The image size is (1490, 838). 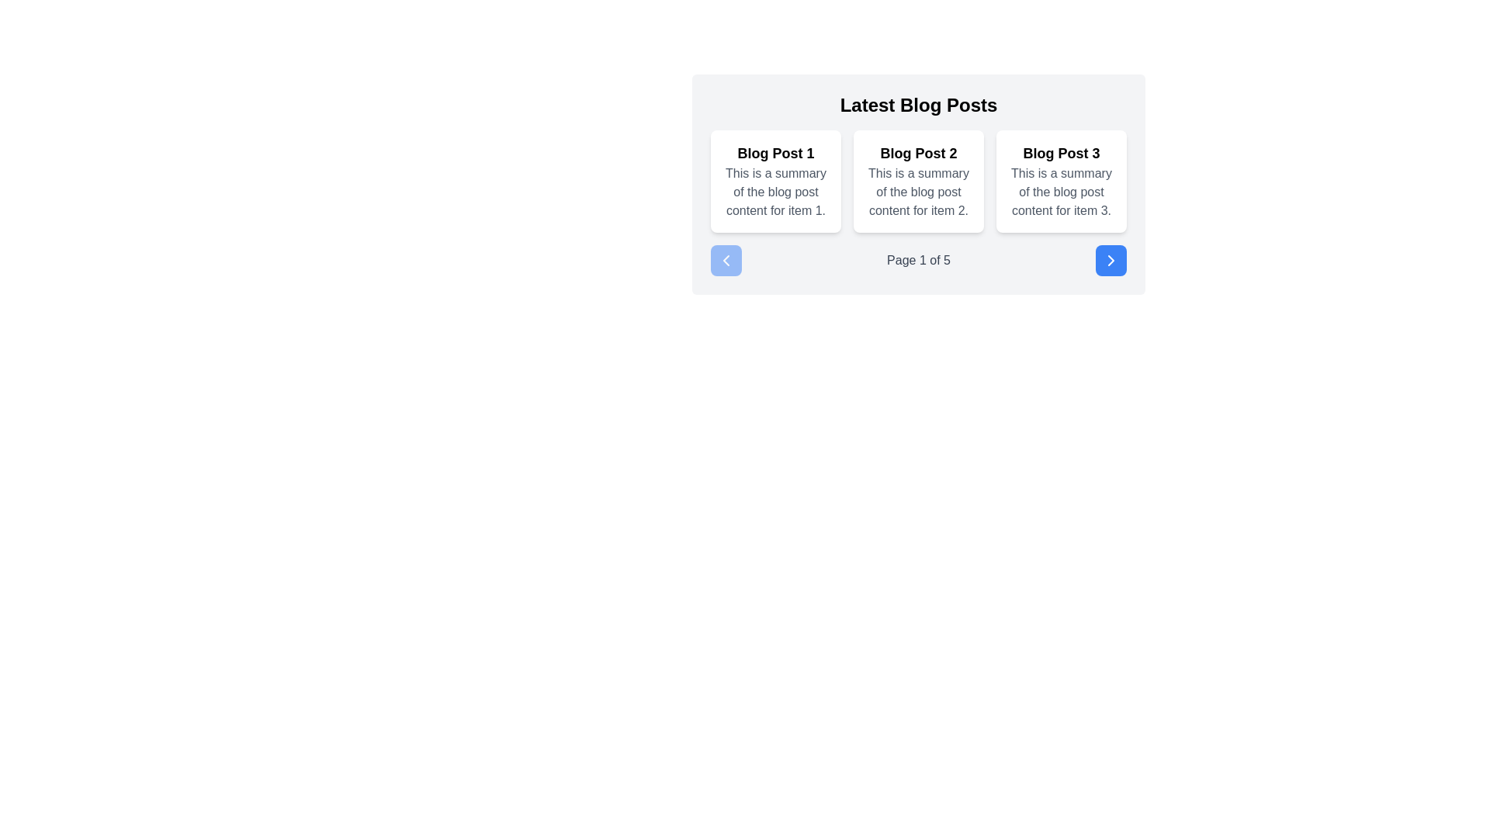 I want to click on heading text of the card titled 'Blog Post 3', located at the top of the third card in the 'Latest Blog Posts' section, so click(x=1061, y=153).